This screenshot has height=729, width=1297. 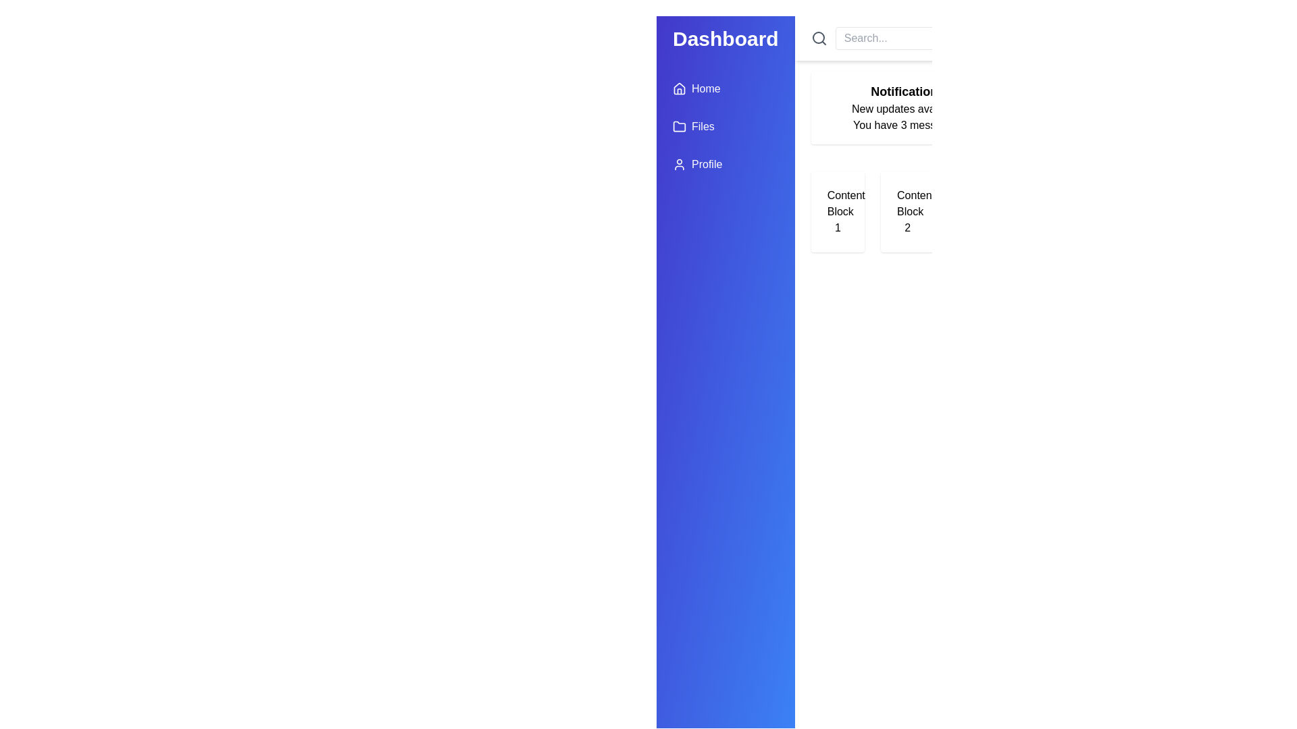 I want to click on the 'Files' button in the left vertical navigation panel, so click(x=693, y=127).